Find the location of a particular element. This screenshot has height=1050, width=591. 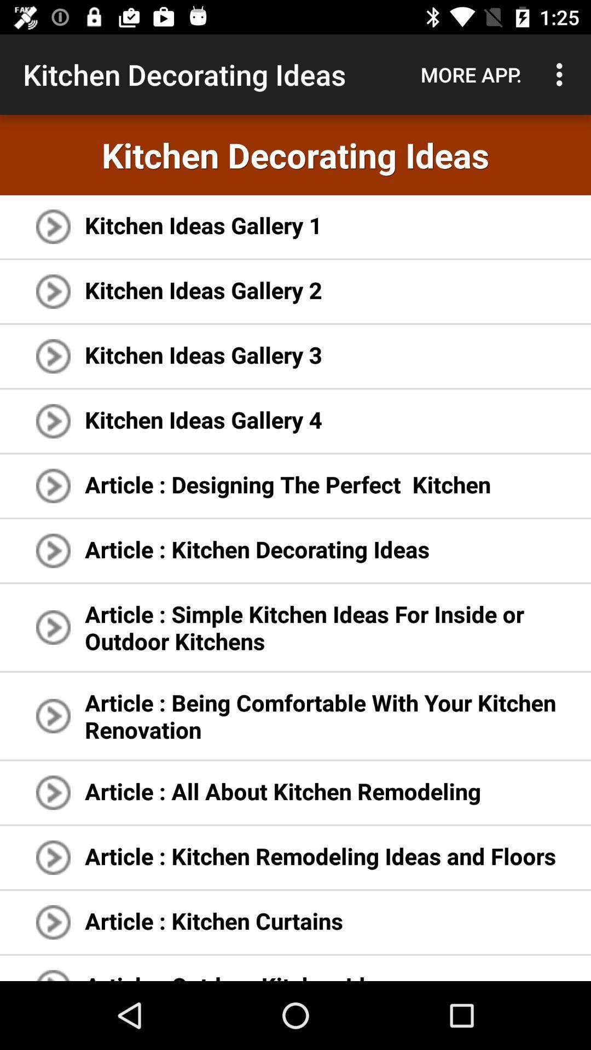

the item above the kitchen decorating ideas item is located at coordinates (562, 74).